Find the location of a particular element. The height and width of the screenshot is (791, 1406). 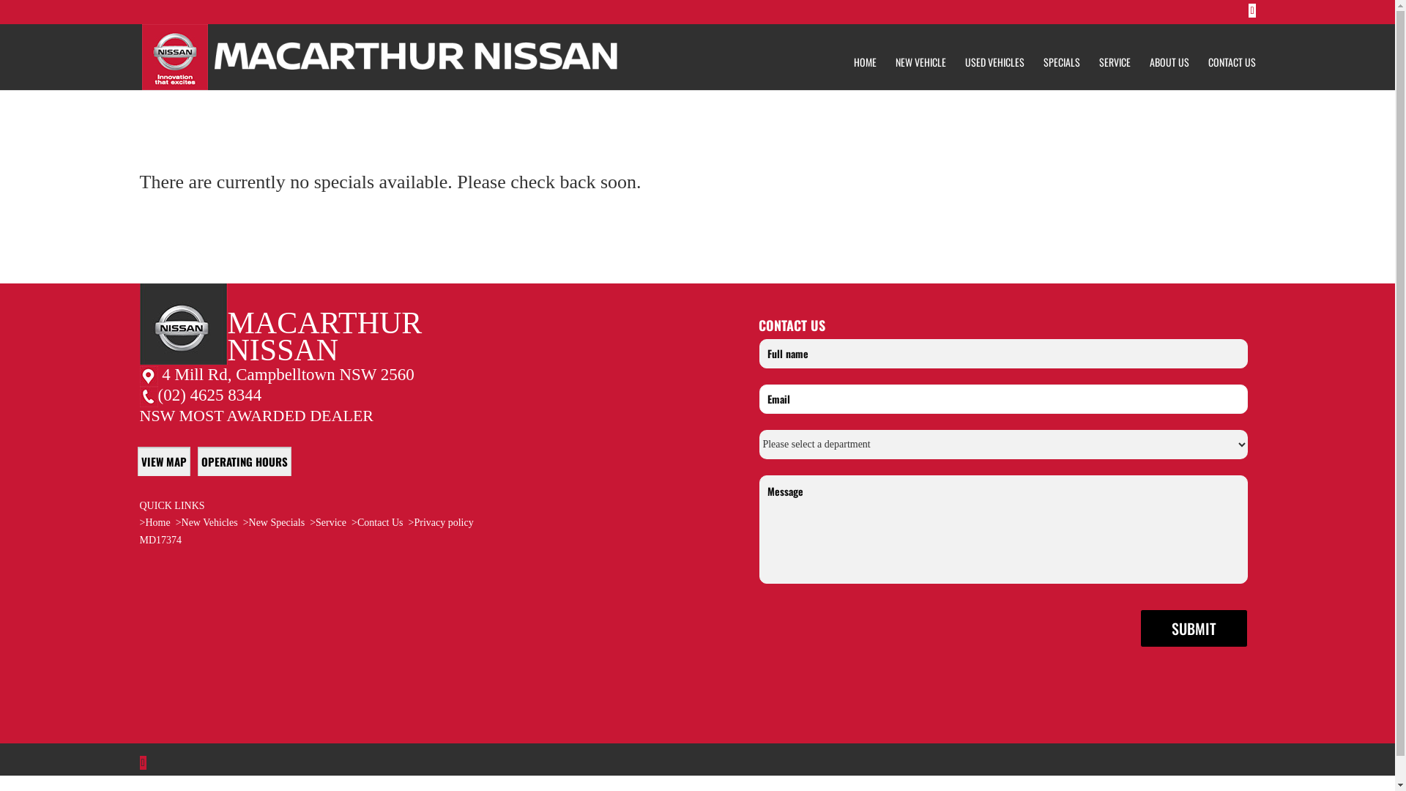

'HOME' is located at coordinates (865, 67).